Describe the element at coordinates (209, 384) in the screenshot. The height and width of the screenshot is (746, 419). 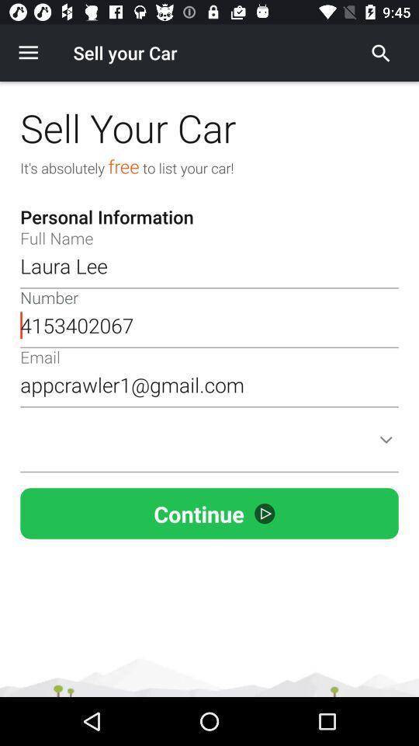
I see `the appcrawler1@gmail.com item` at that location.